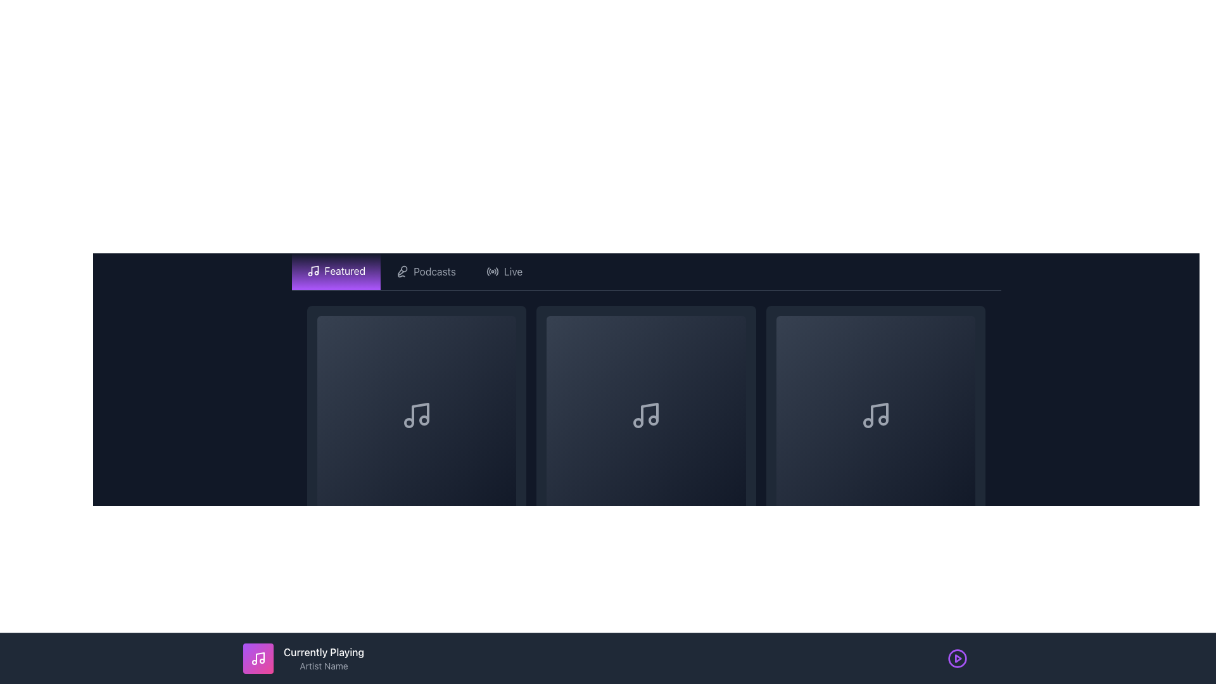  What do you see at coordinates (258, 658) in the screenshot?
I see `visual feedback from the unique music note icon, which is styled with a modern SVG design and located near the bottom left section of the interface, adjacent to the text label 'Currently Playing - Artist Name'` at bounding box center [258, 658].